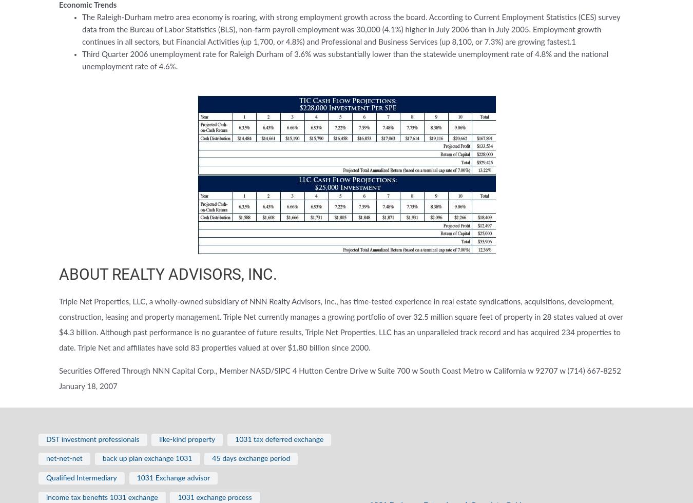 This screenshot has width=693, height=503. What do you see at coordinates (340, 378) in the screenshot?
I see `'Securities Offered Through NNN Capital Corp., Member NASD/SIPC 4 Hutton Centre Drive w Suite 700 w South Coast Metro w California w 92707 w (714) 667-8252 January 18, 2007'` at bounding box center [340, 378].